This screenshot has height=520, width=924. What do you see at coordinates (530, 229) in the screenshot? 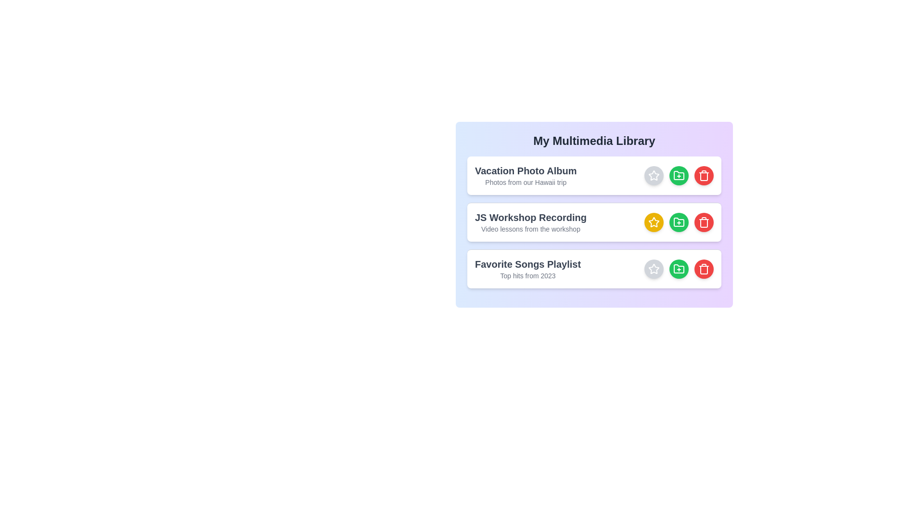
I see `supplementary text label below the bolded title 'JS Workshop Recording' to gain information about the workshop` at bounding box center [530, 229].